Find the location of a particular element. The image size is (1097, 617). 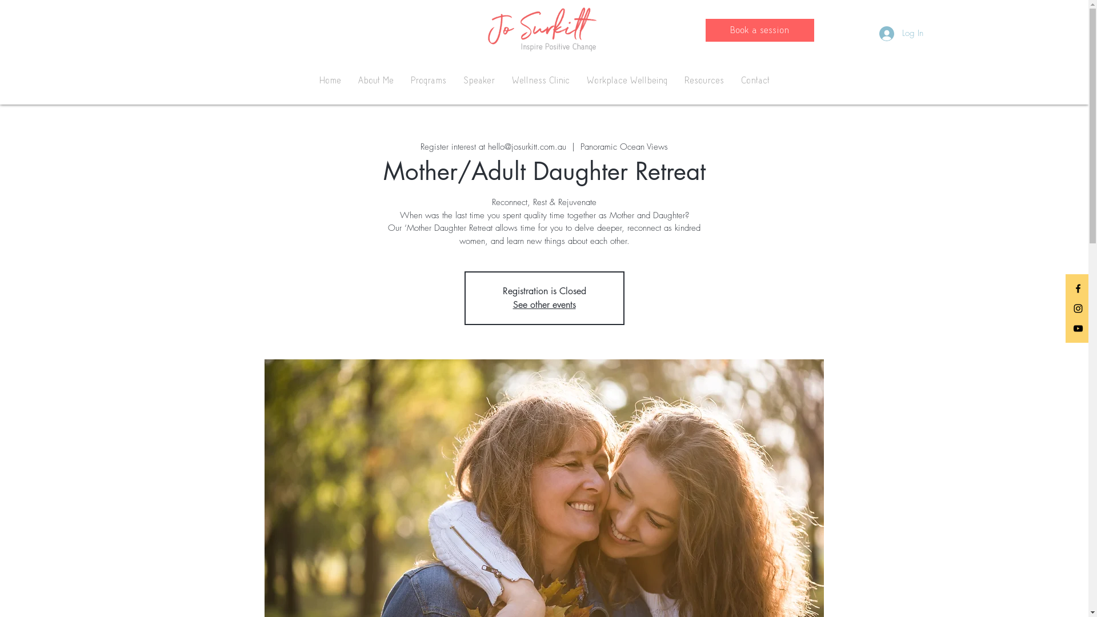

'See other events' is located at coordinates (544, 304).